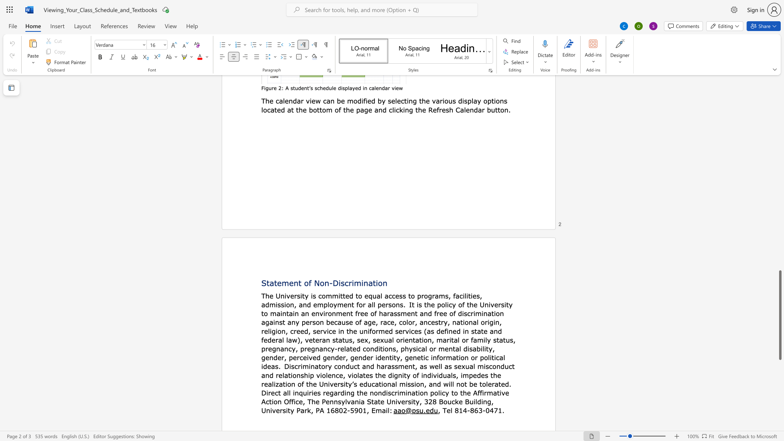  Describe the element at coordinates (780, 167) in the screenshot. I see `the page's right scrollbar for upward movement` at that location.